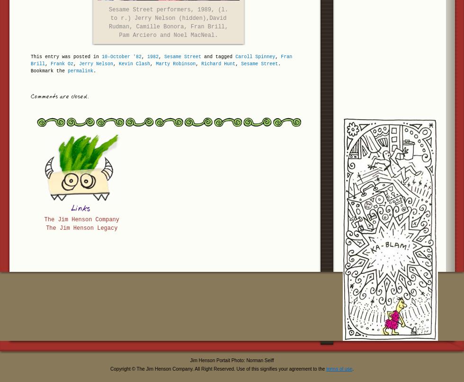  I want to click on 'Jim Henson Portait Photo: Norman Seiff', so click(232, 360).